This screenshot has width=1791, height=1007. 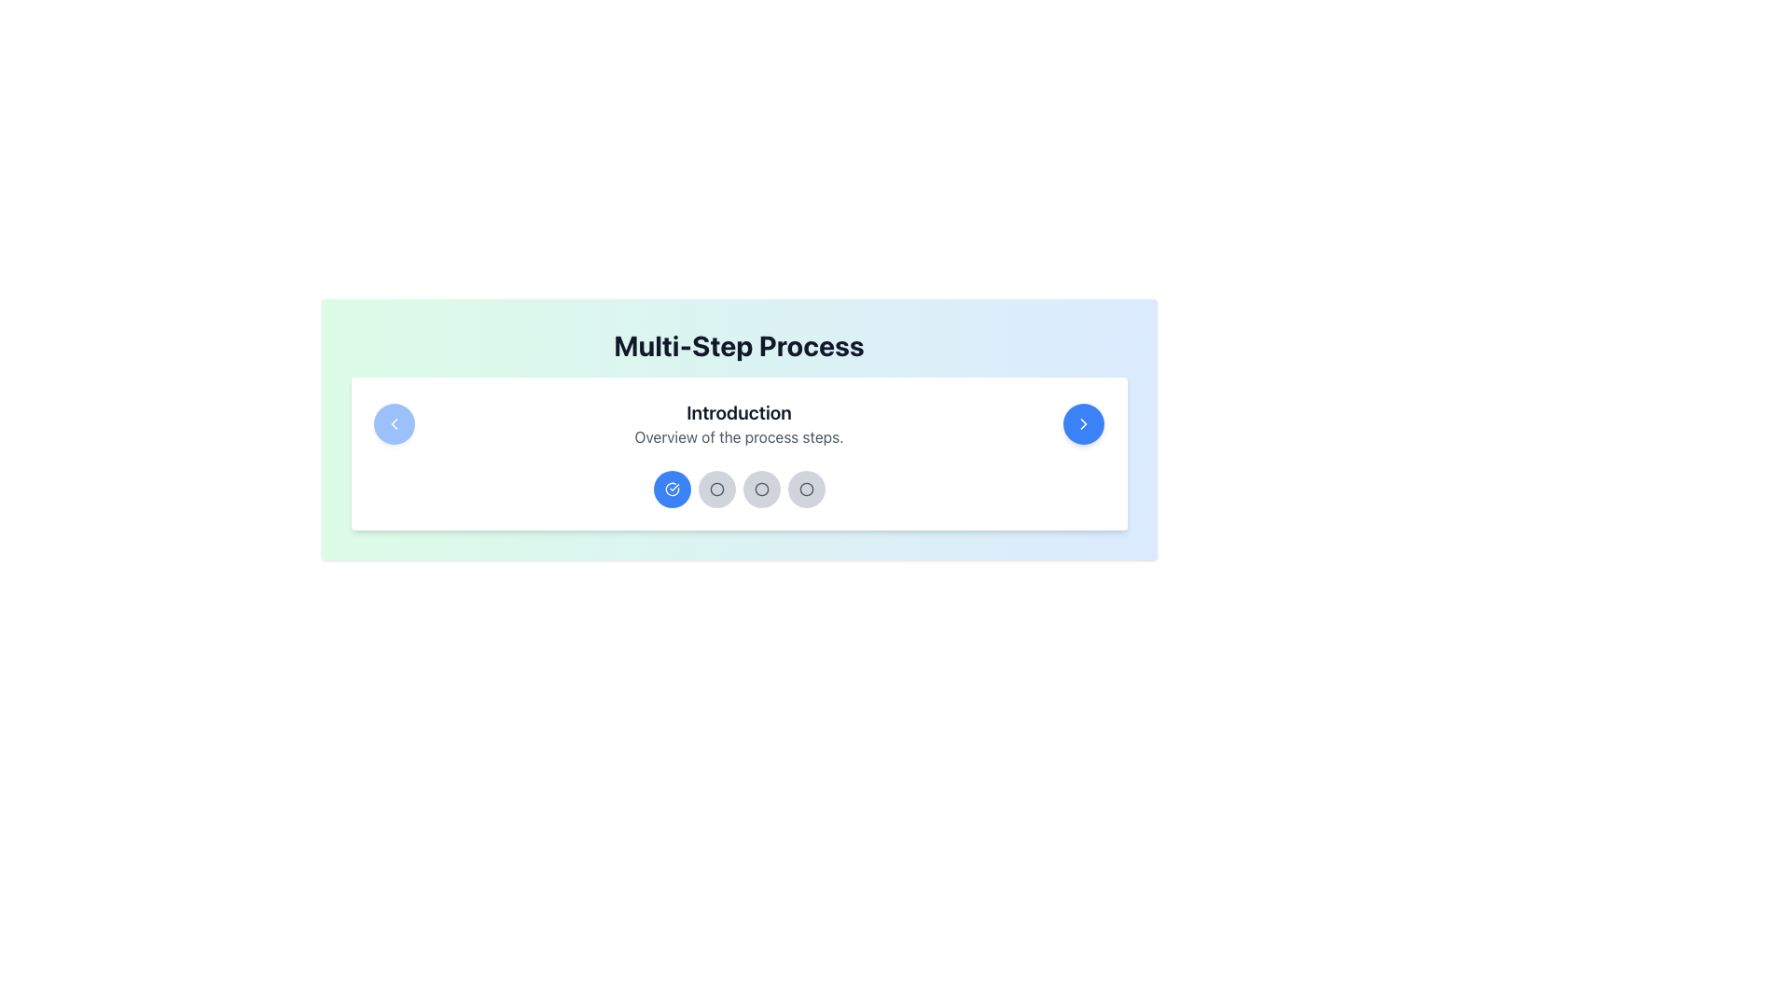 I want to click on the blue circular button with a white checkmark icon in the Step progress indicator bar located below the 'Introduction' section to potentially reveal a tooltip or highlight the step, so click(x=738, y=488).